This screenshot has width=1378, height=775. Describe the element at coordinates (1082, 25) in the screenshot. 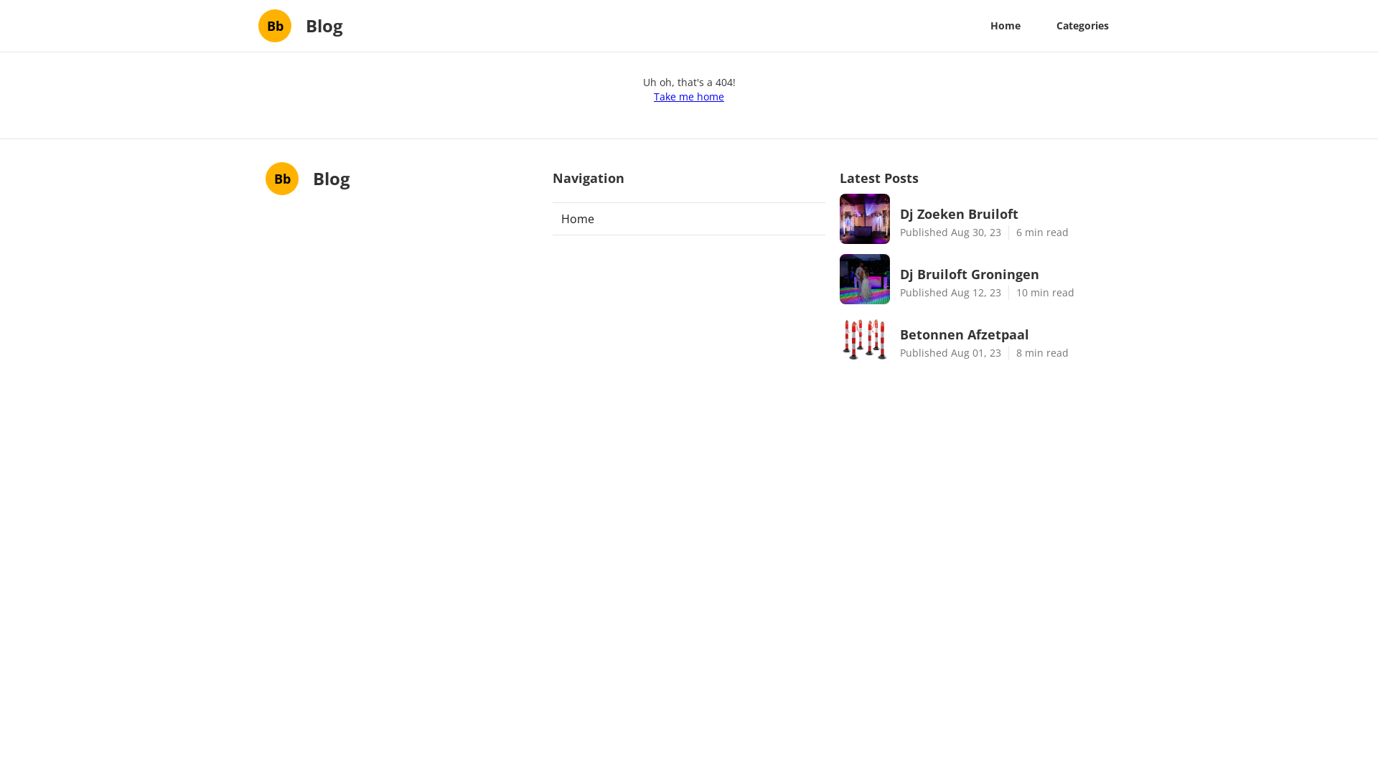

I see `'Categories'` at that location.